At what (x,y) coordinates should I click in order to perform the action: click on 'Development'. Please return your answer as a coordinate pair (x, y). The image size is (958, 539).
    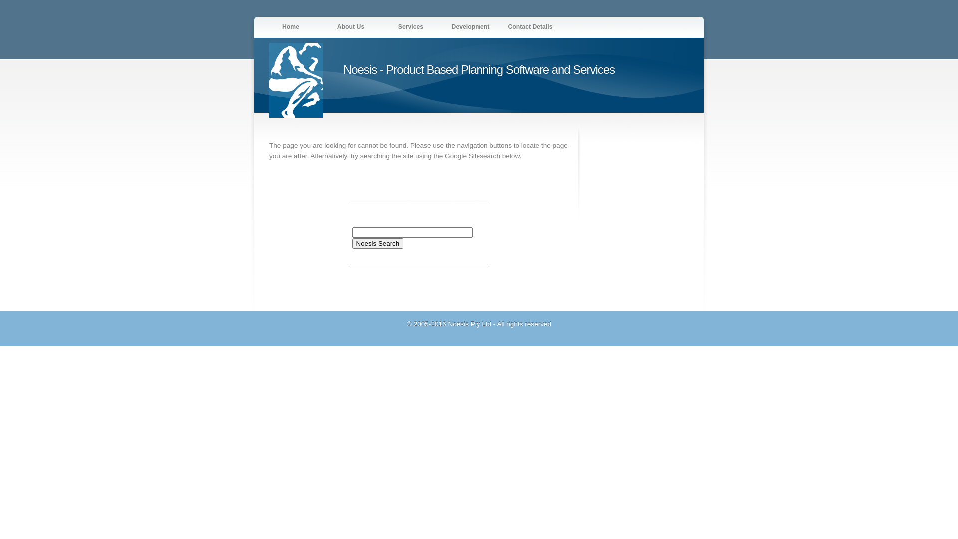
    Looking at the image, I should click on (470, 26).